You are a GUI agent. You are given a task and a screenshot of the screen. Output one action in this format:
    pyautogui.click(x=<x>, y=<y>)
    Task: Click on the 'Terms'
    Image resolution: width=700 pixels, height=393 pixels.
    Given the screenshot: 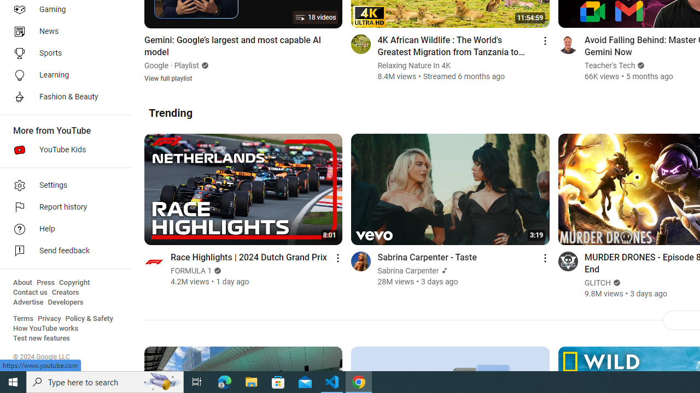 What is the action you would take?
    pyautogui.click(x=23, y=319)
    